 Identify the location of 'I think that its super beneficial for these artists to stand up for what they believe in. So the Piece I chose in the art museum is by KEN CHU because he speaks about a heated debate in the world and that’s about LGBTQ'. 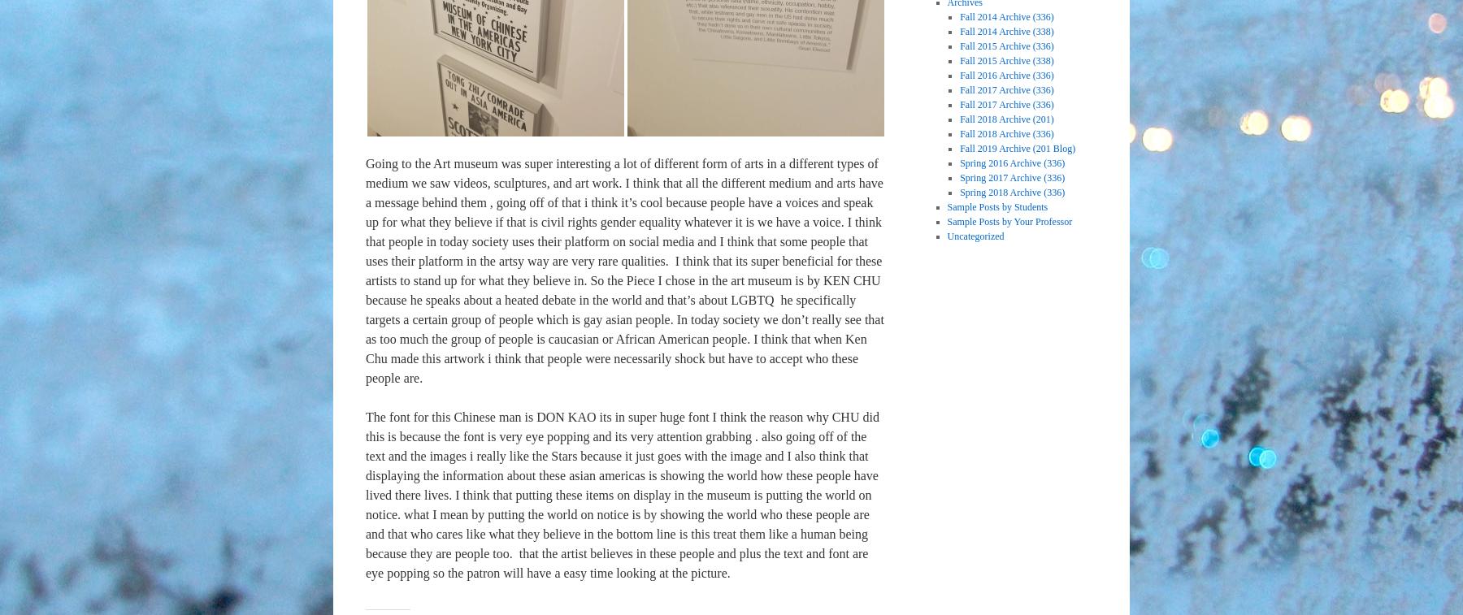
(623, 279).